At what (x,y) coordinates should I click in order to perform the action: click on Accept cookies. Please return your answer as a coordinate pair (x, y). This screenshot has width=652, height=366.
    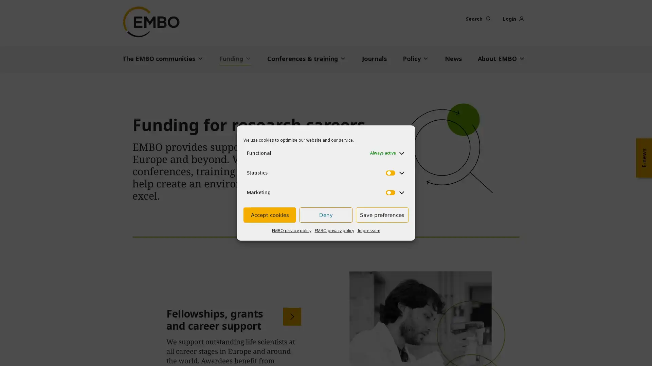
    Looking at the image, I should click on (269, 215).